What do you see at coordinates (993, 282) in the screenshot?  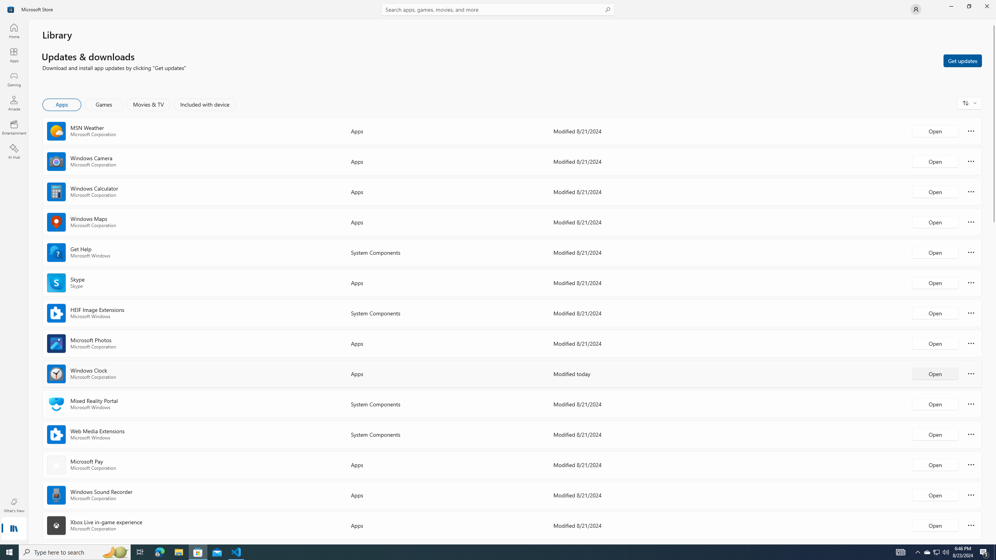 I see `'Vertical'` at bounding box center [993, 282].